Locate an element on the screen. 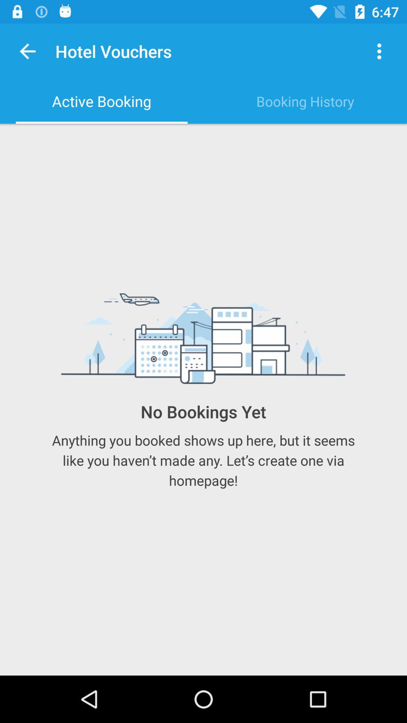 The image size is (407, 723). the item next to the active booking item is located at coordinates (305, 101).